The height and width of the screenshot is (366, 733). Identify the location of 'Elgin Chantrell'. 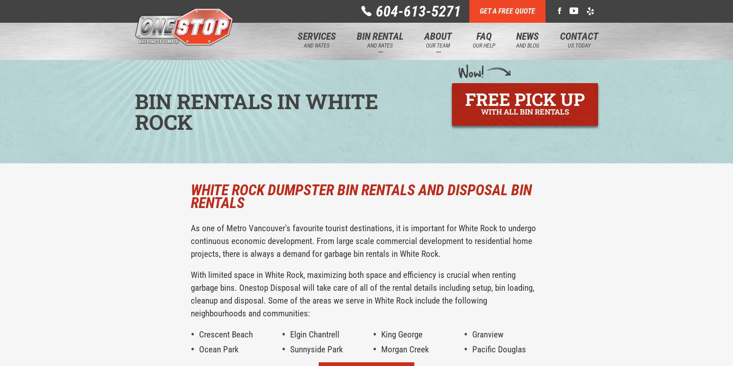
(314, 334).